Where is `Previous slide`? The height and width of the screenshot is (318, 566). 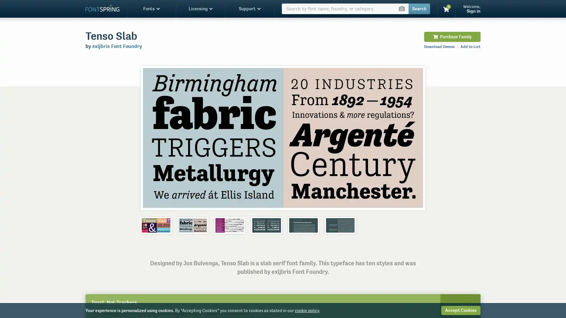
Previous slide is located at coordinates (151, 138).